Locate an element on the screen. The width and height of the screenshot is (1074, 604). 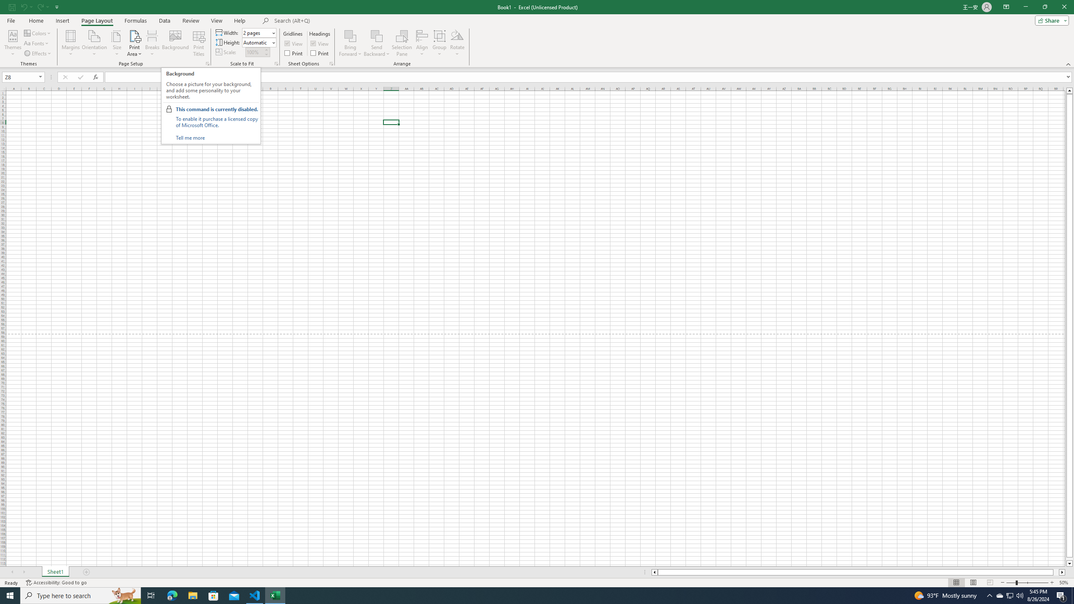
'More' is located at coordinates (266, 49).